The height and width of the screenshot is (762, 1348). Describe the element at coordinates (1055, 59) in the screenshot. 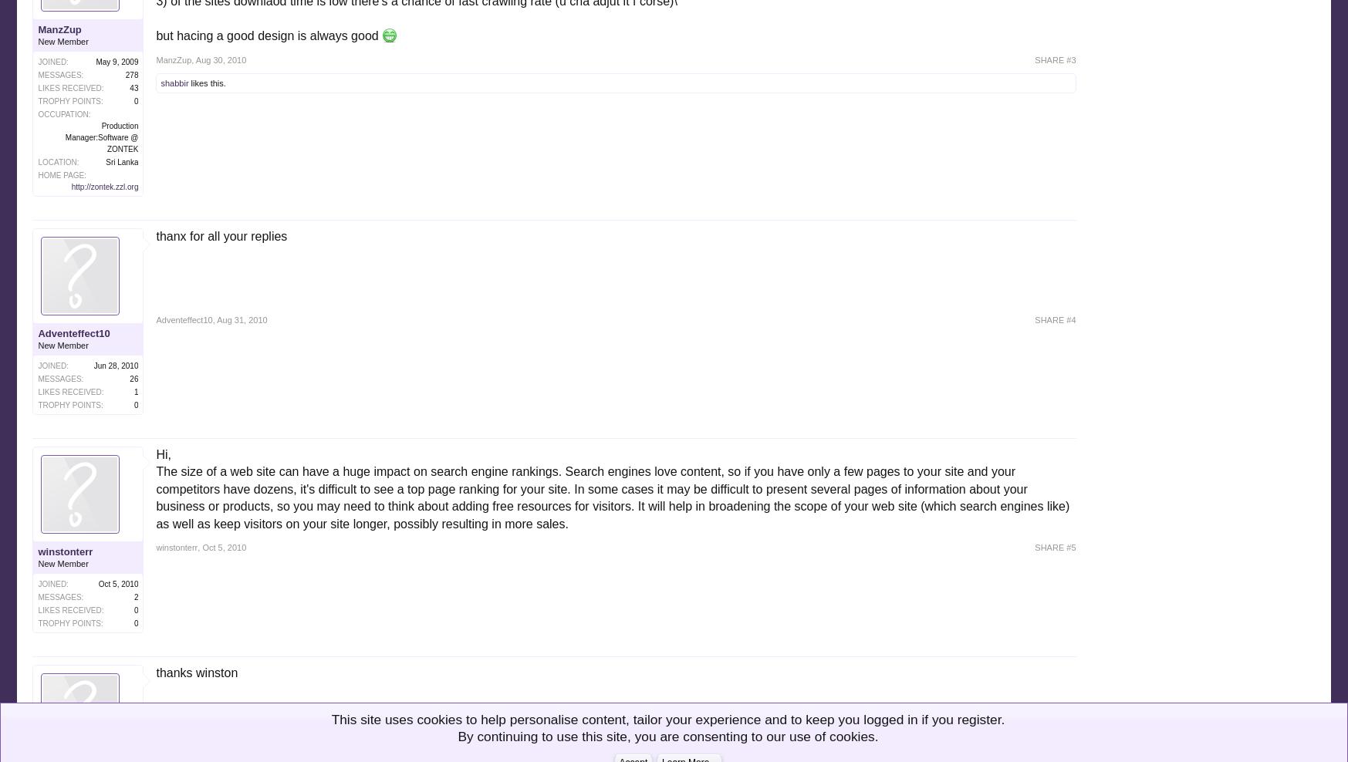

I see `'SHARE #3'` at that location.